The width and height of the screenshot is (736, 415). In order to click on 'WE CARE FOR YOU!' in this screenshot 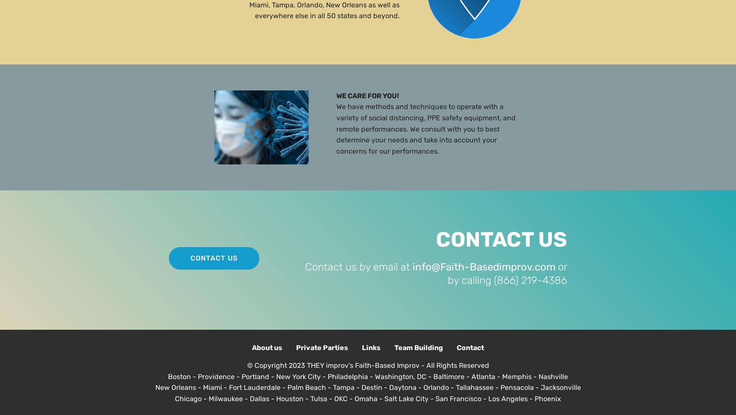, I will do `click(367, 95)`.